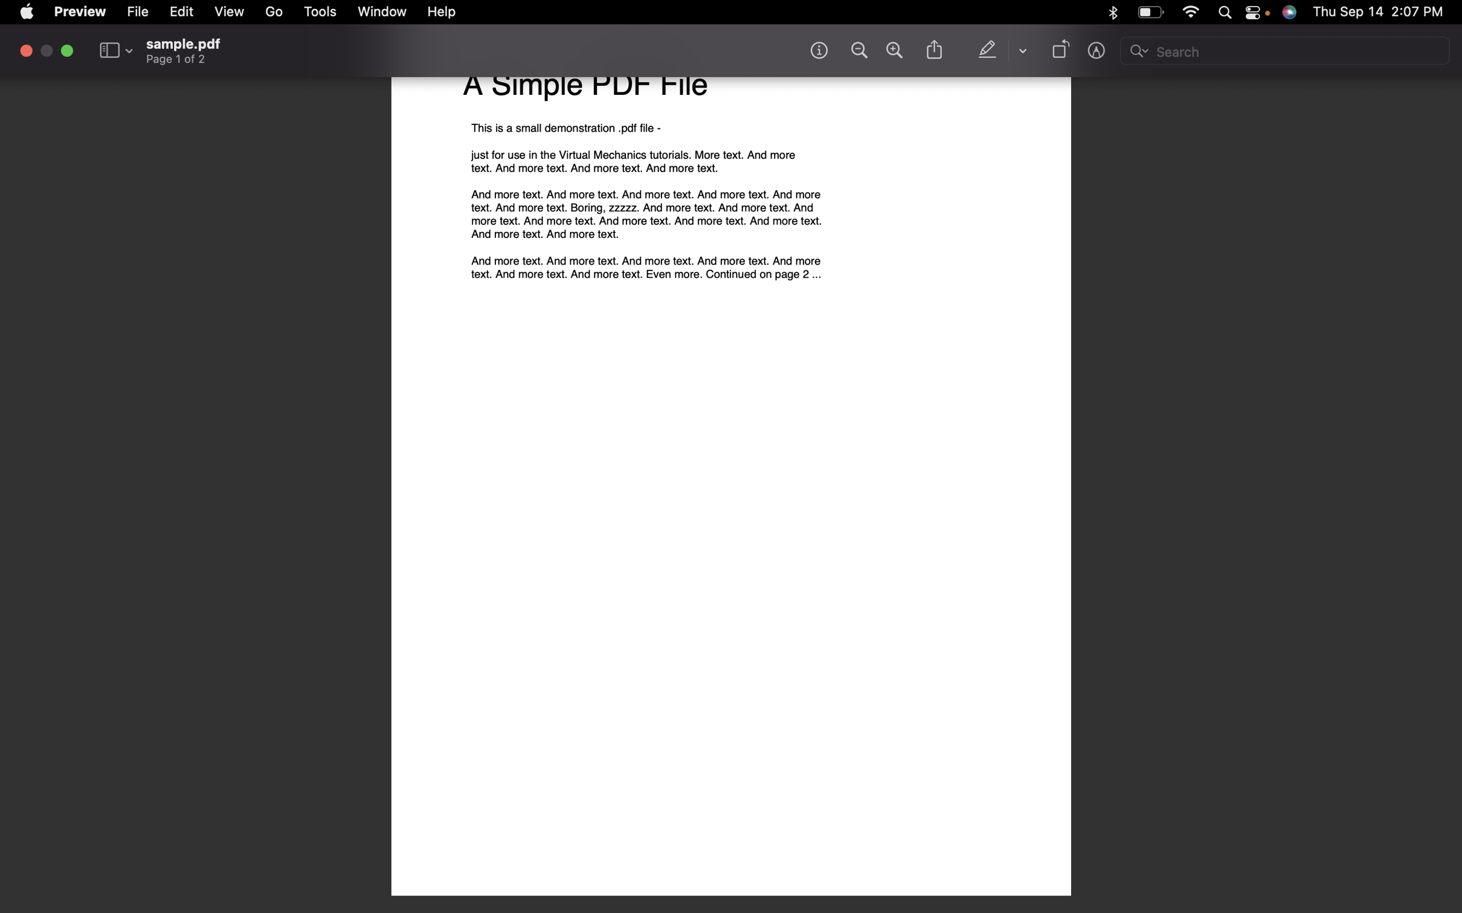  Describe the element at coordinates (321, 13) in the screenshot. I see `Go to the Tools menu` at that location.